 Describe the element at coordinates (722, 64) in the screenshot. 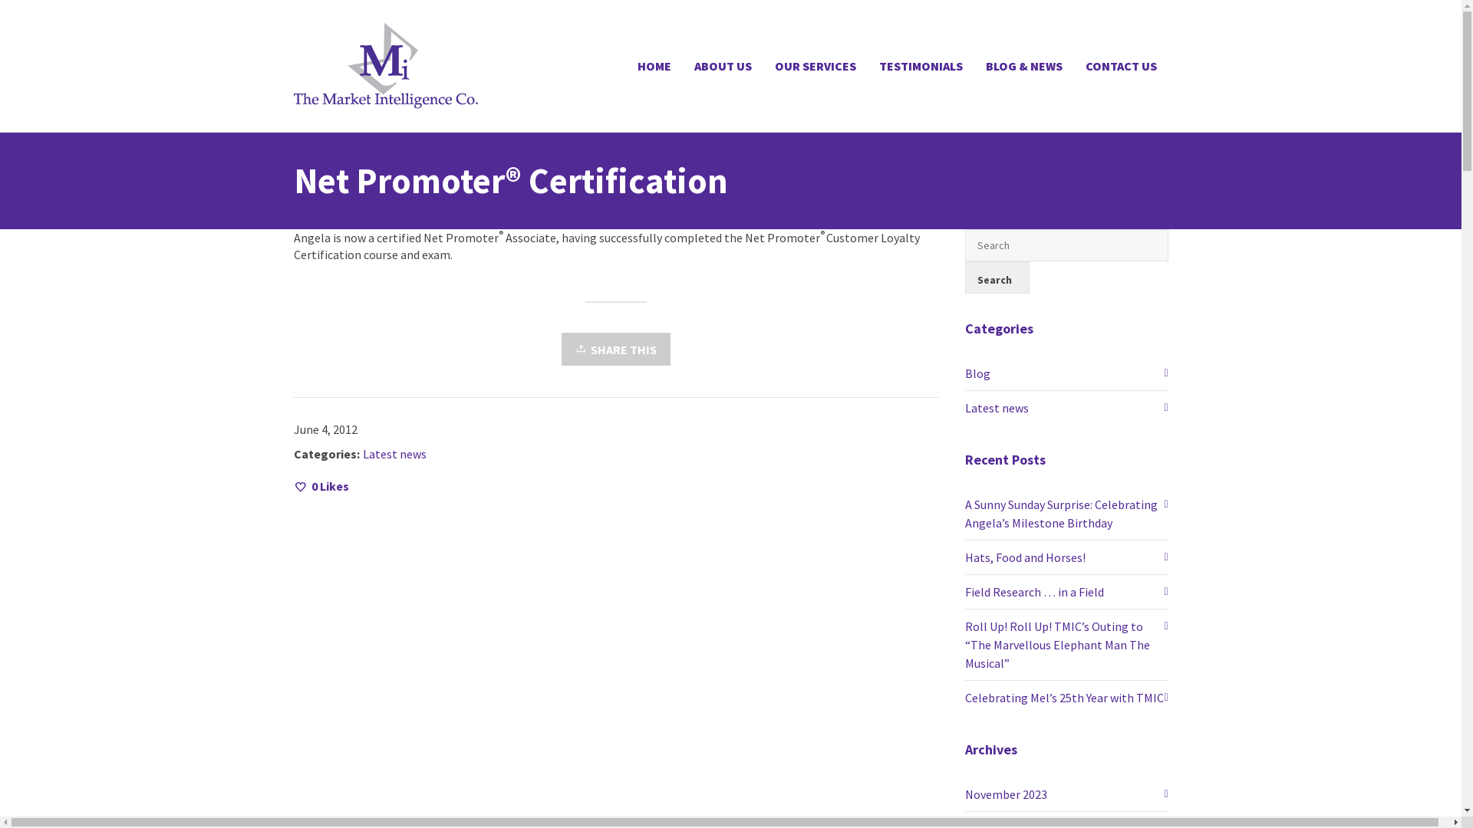

I see `'ABOUT US'` at that location.